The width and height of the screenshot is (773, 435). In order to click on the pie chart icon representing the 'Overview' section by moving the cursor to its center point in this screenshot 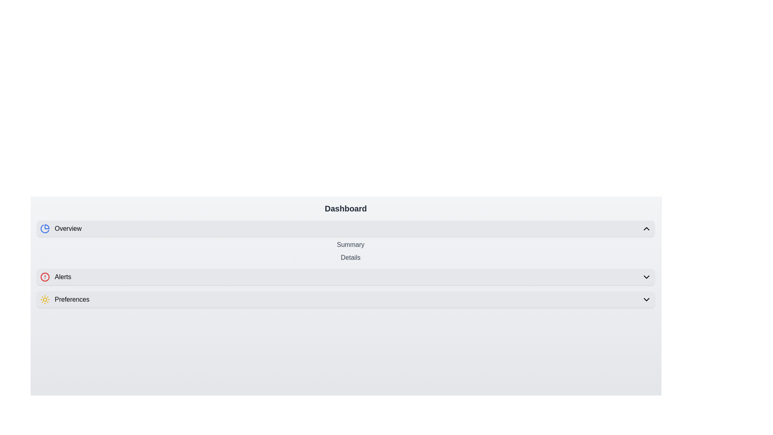, I will do `click(44, 228)`.